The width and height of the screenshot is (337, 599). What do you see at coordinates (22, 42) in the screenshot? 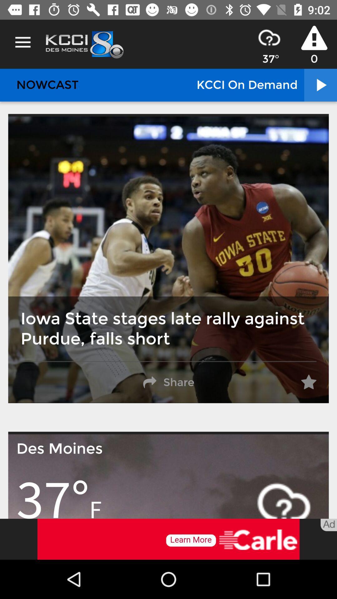
I see `the menu icon` at bounding box center [22, 42].